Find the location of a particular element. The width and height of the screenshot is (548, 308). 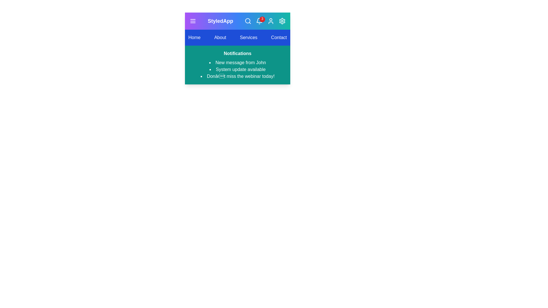

the search icon button located in the navigation bar immediately to the right of 'StyledApp' is located at coordinates (248, 21).